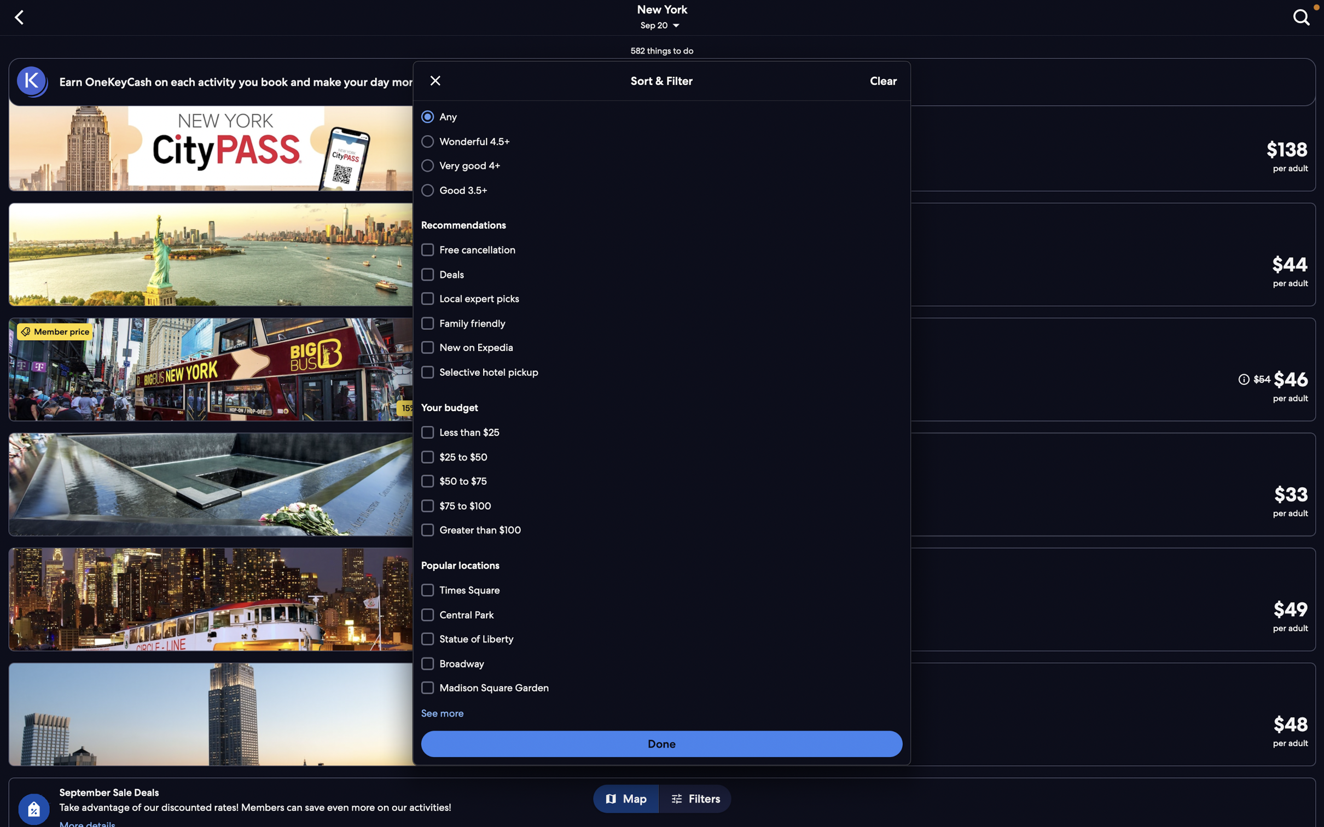 The height and width of the screenshot is (827, 1324). I want to click on all price brackets below $75, so click(662, 431).